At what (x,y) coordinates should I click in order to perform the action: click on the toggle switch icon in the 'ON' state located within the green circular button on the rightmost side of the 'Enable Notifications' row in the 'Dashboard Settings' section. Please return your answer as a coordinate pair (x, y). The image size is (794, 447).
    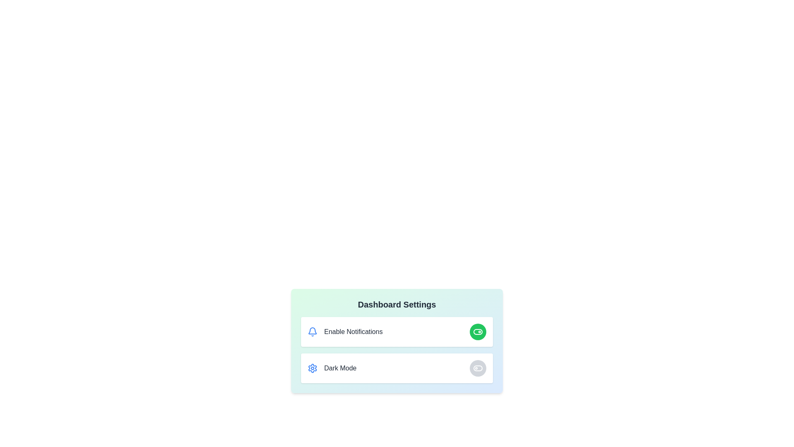
    Looking at the image, I should click on (478, 332).